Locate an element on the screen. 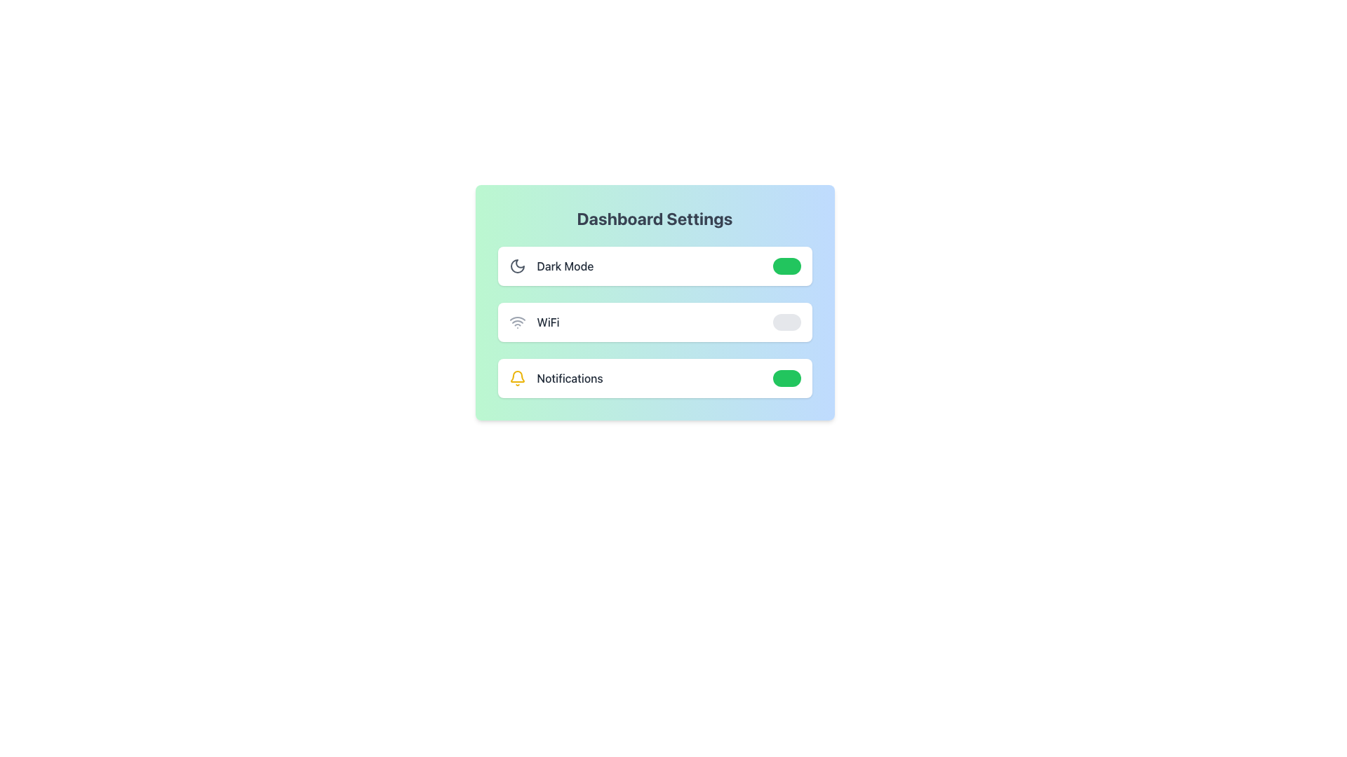  the toggle switch in the WiFi settings section to change its state, which is the second item in the vertical stack of options within the settings panel is located at coordinates (654, 322).